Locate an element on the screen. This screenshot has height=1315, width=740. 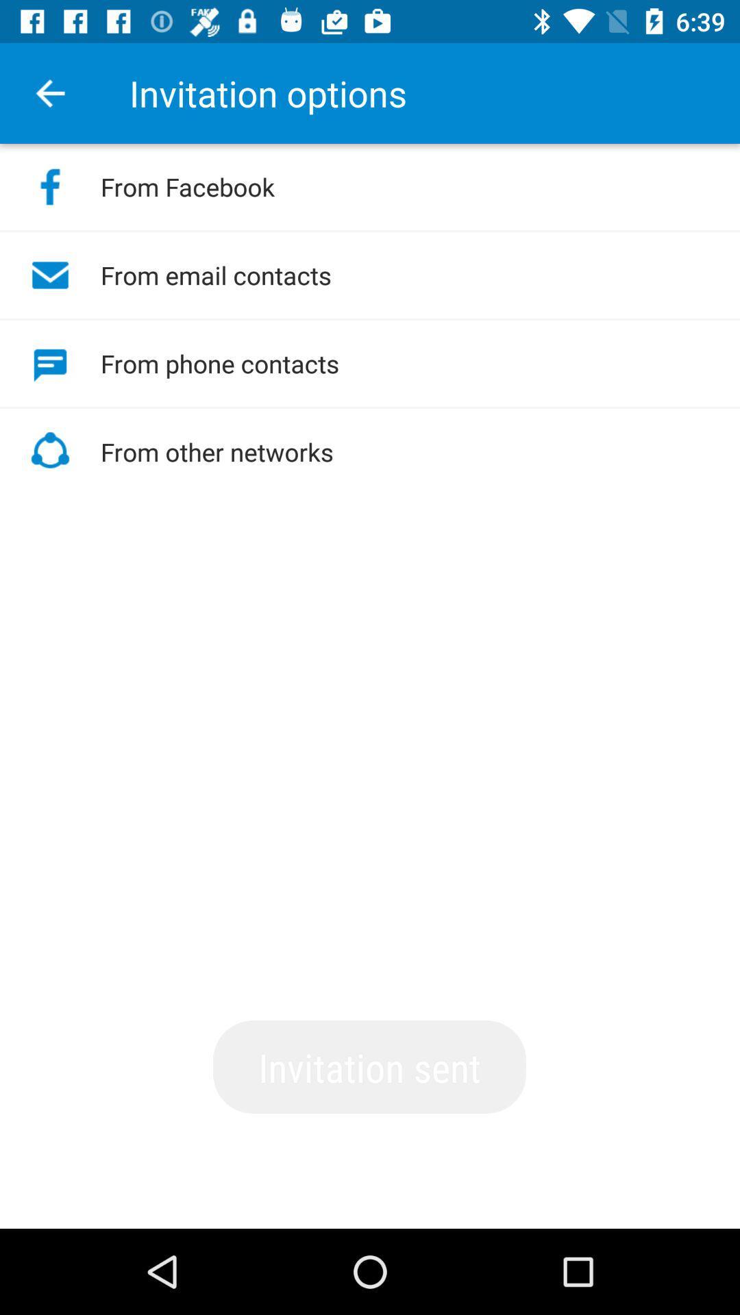
the item to the left of invitation options item is located at coordinates (49, 92).